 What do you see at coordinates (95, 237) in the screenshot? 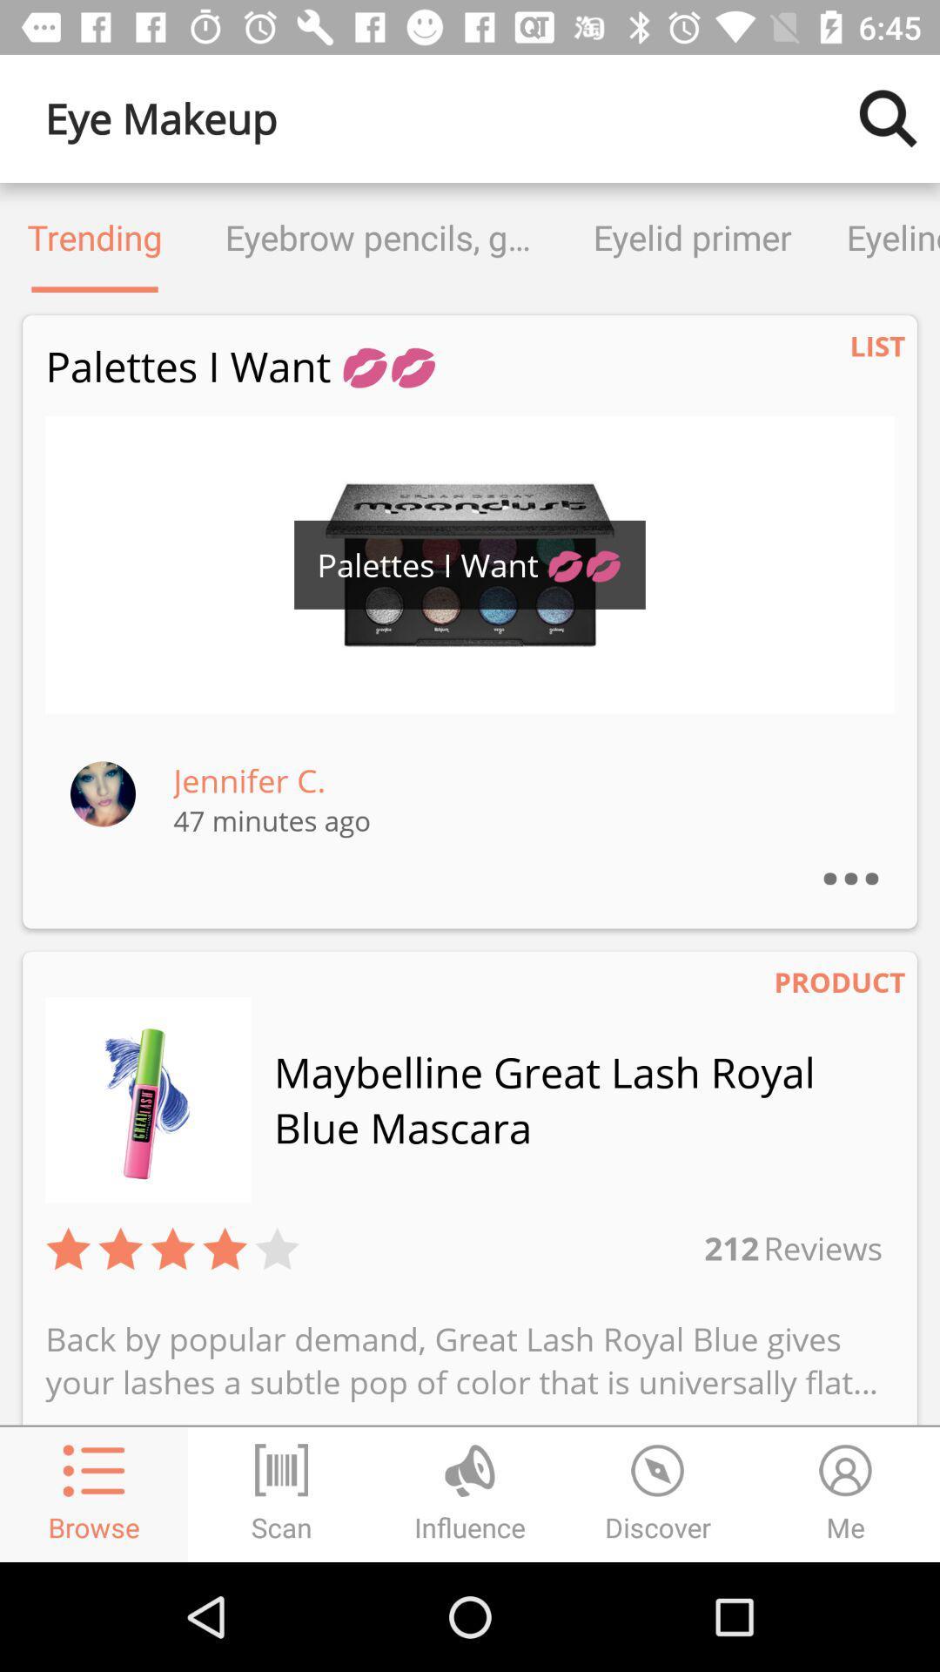
I see `the icon next to the eyebrow pencils gels icon` at bounding box center [95, 237].